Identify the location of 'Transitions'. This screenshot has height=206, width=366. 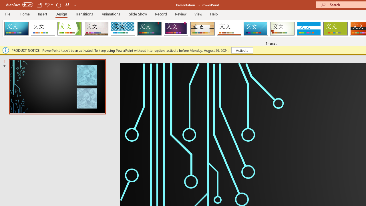
(84, 14).